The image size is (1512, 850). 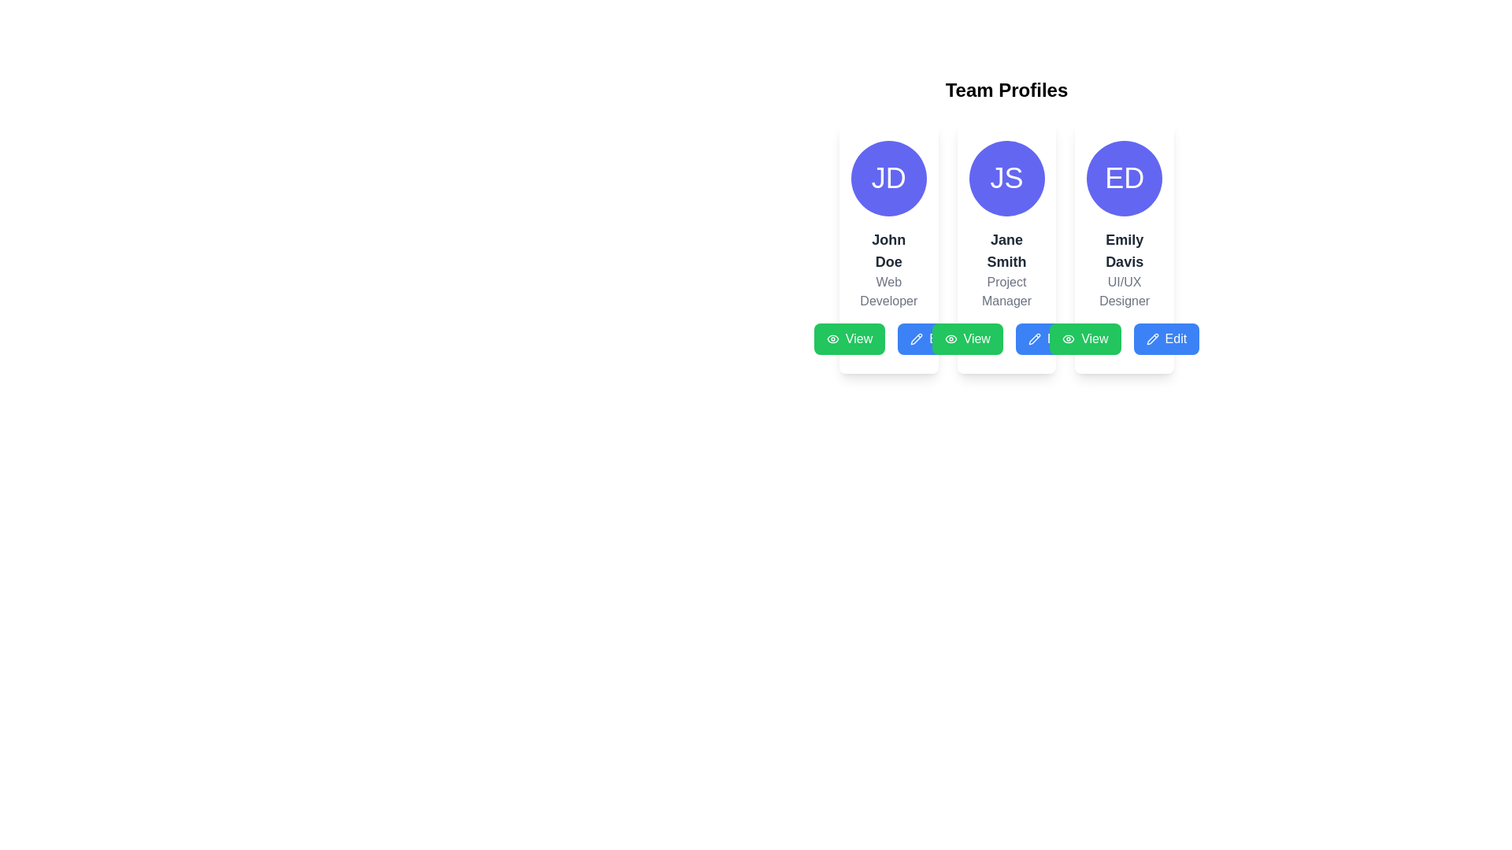 I want to click on the Profile badge displaying the initials 'JD' located at the top of the leftmost profile card, so click(x=888, y=178).